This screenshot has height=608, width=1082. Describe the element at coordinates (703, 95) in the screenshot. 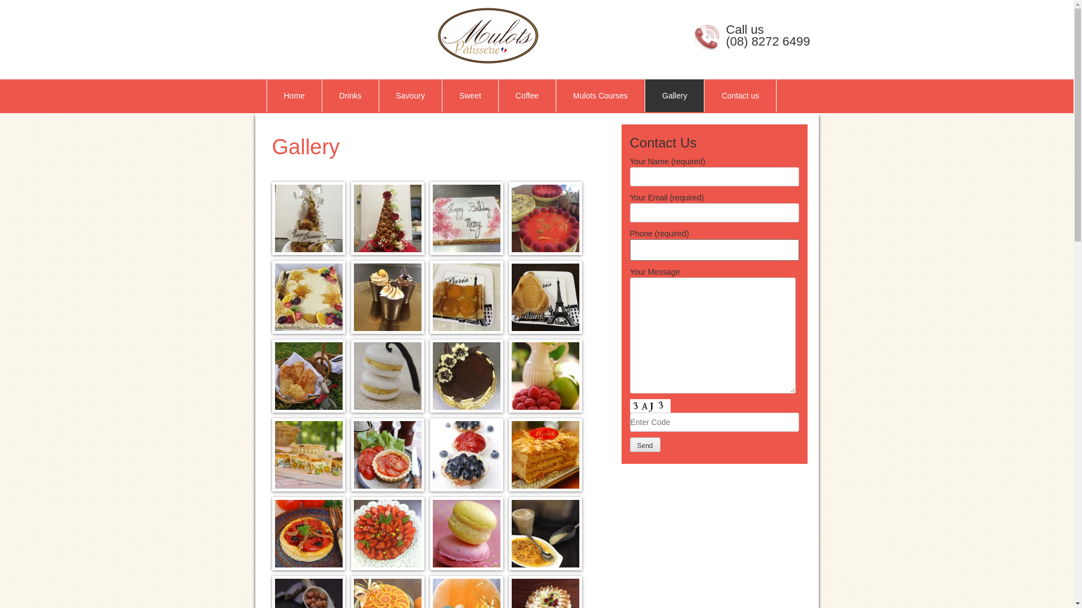

I see `'Contact us'` at that location.